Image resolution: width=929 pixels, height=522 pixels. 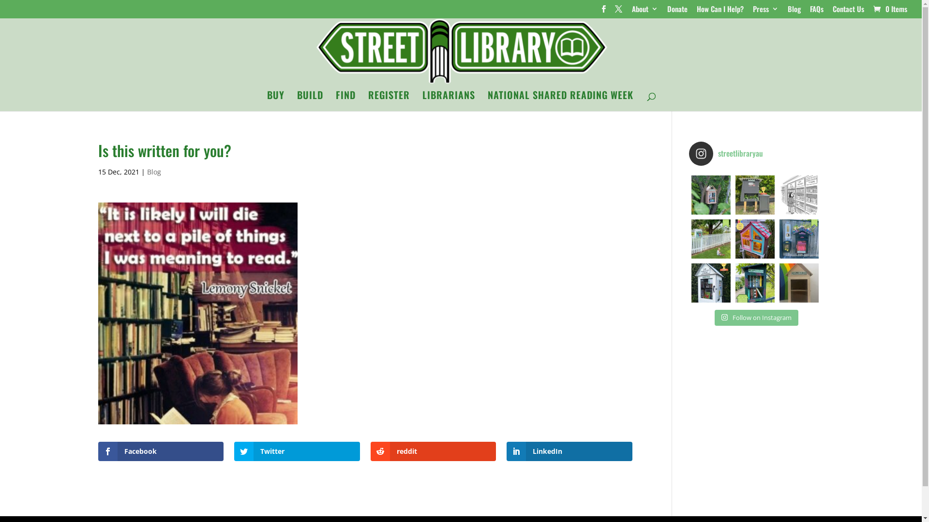 What do you see at coordinates (754, 152) in the screenshot?
I see `'streetlibraryau'` at bounding box center [754, 152].